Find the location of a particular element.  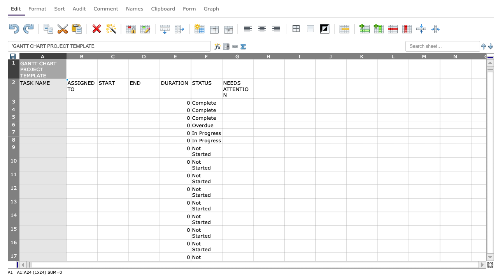

column C's right edge for resizing is located at coordinates (129, 56).